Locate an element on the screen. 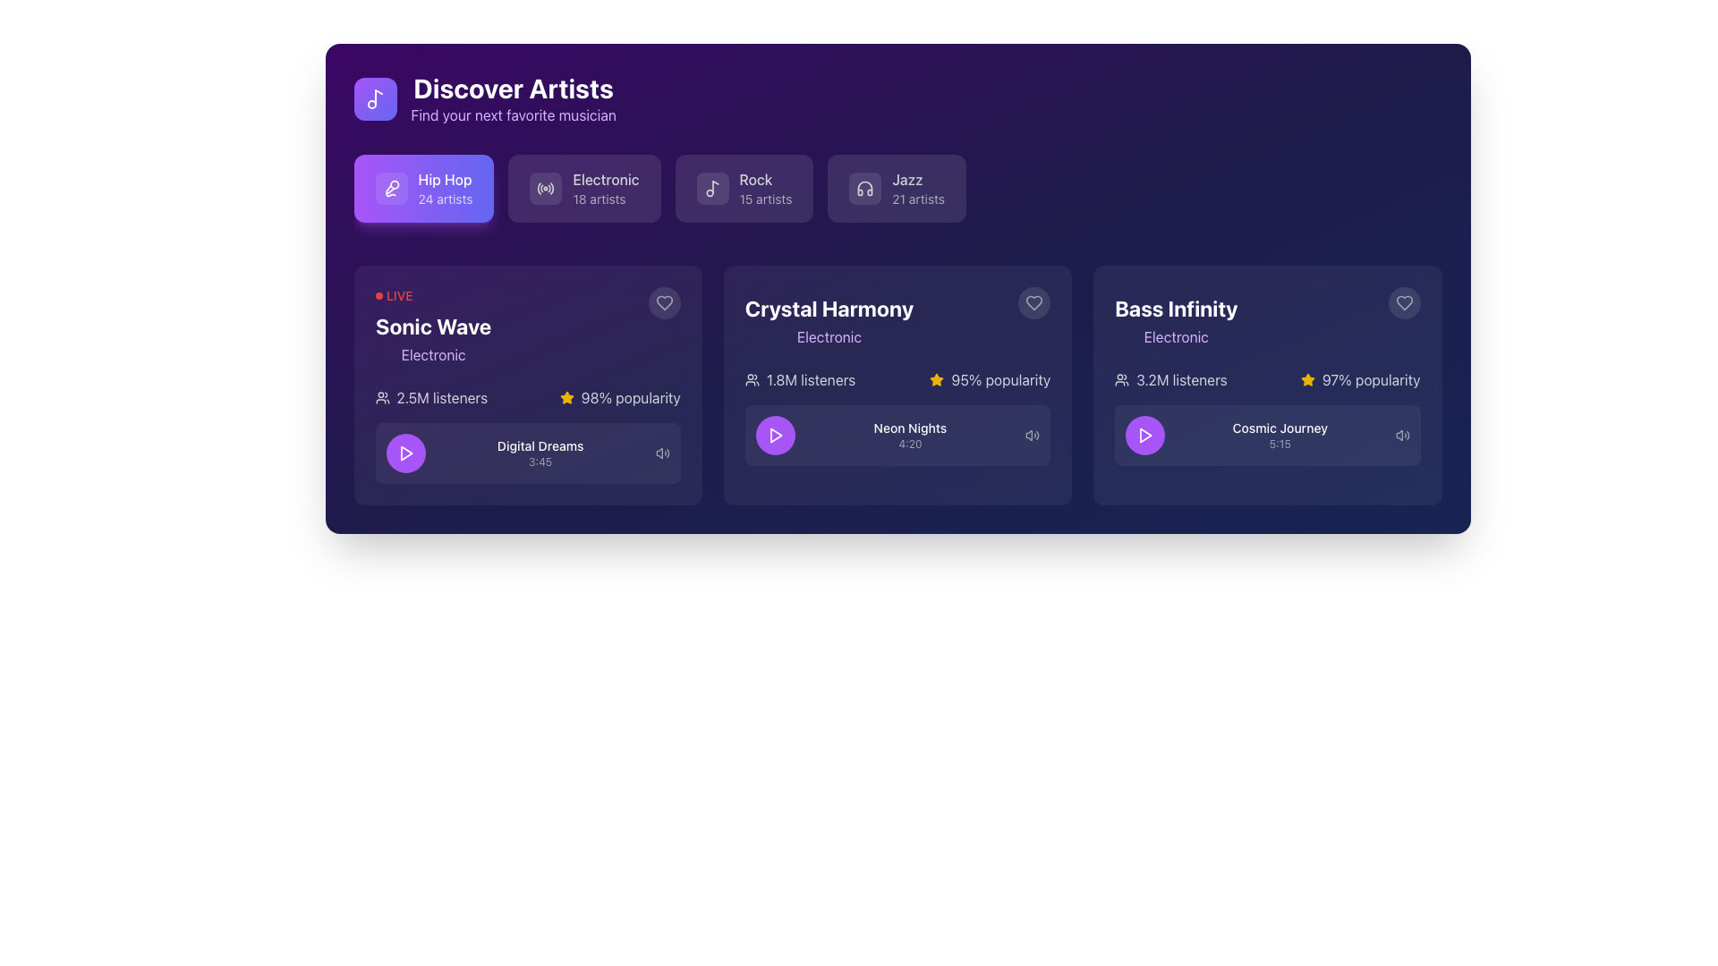 This screenshot has width=1718, height=966. the star icon that visually conveys a rating of 95% popularity, located in the 'Crystal Harmony' card in the second column, adjacent to the popularity percentage text is located at coordinates (936, 378).